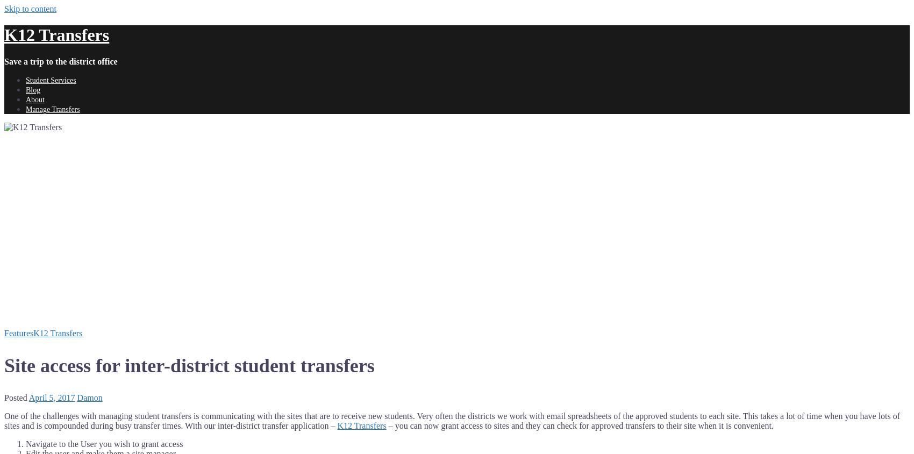 This screenshot has height=454, width=914. Describe the element at coordinates (103, 443) in the screenshot. I see `'Navigate to the User you wish to grant access'` at that location.